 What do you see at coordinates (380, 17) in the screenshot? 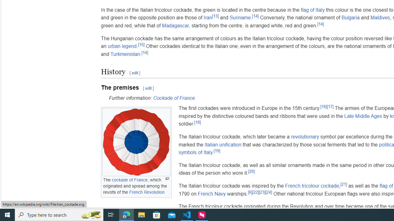
I see `'Maldives'` at bounding box center [380, 17].